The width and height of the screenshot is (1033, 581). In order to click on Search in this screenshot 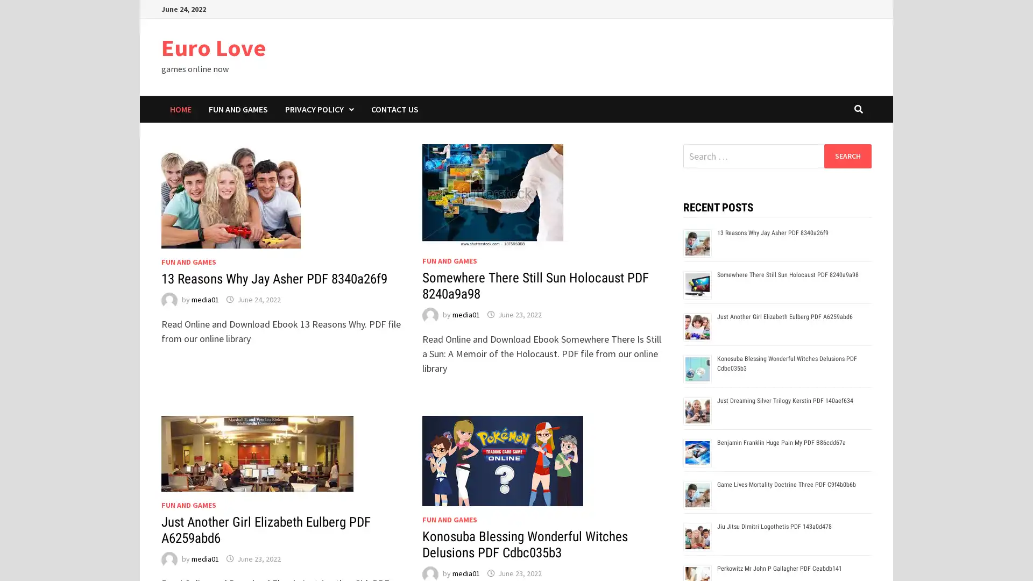, I will do `click(847, 155)`.